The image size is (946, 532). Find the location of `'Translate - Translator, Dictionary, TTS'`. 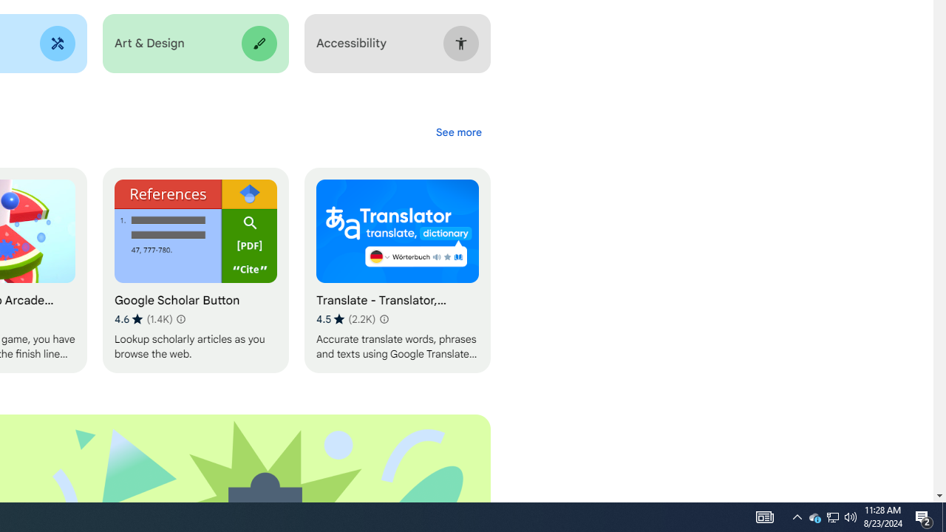

'Translate - Translator, Dictionary, TTS' is located at coordinates (397, 270).